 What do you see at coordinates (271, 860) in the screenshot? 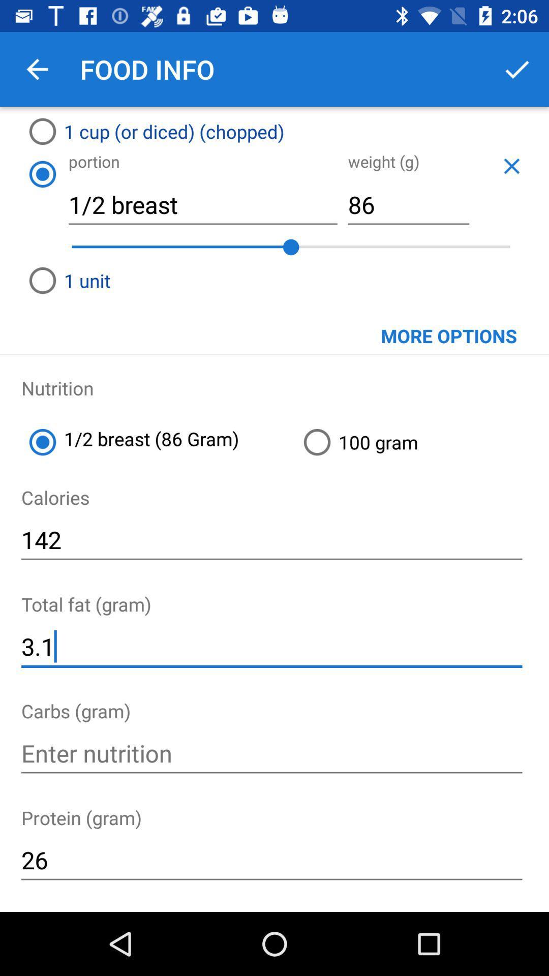
I see `the icon below the protein (gram) item` at bounding box center [271, 860].